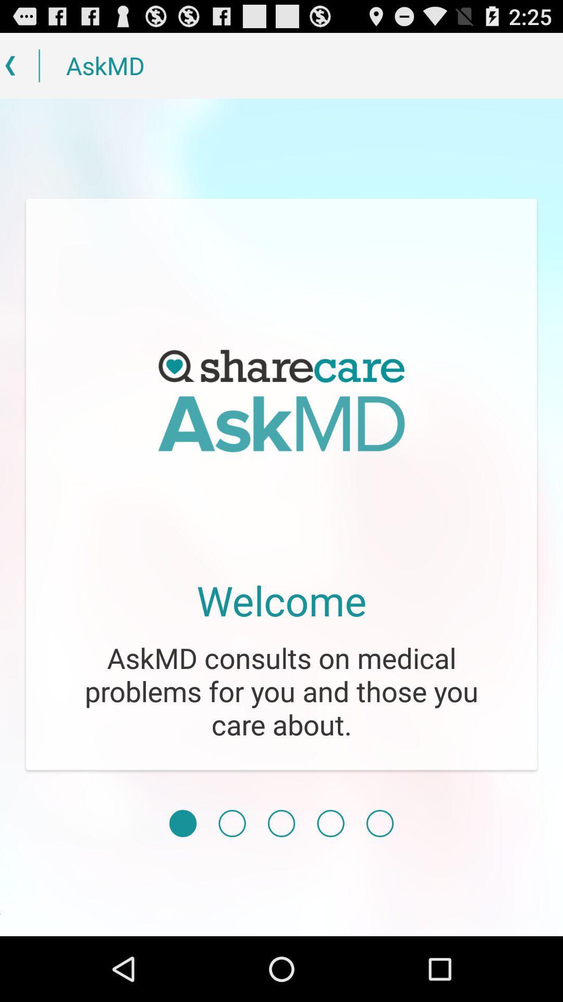  What do you see at coordinates (231, 823) in the screenshot?
I see `the item below the askmd consults on icon` at bounding box center [231, 823].